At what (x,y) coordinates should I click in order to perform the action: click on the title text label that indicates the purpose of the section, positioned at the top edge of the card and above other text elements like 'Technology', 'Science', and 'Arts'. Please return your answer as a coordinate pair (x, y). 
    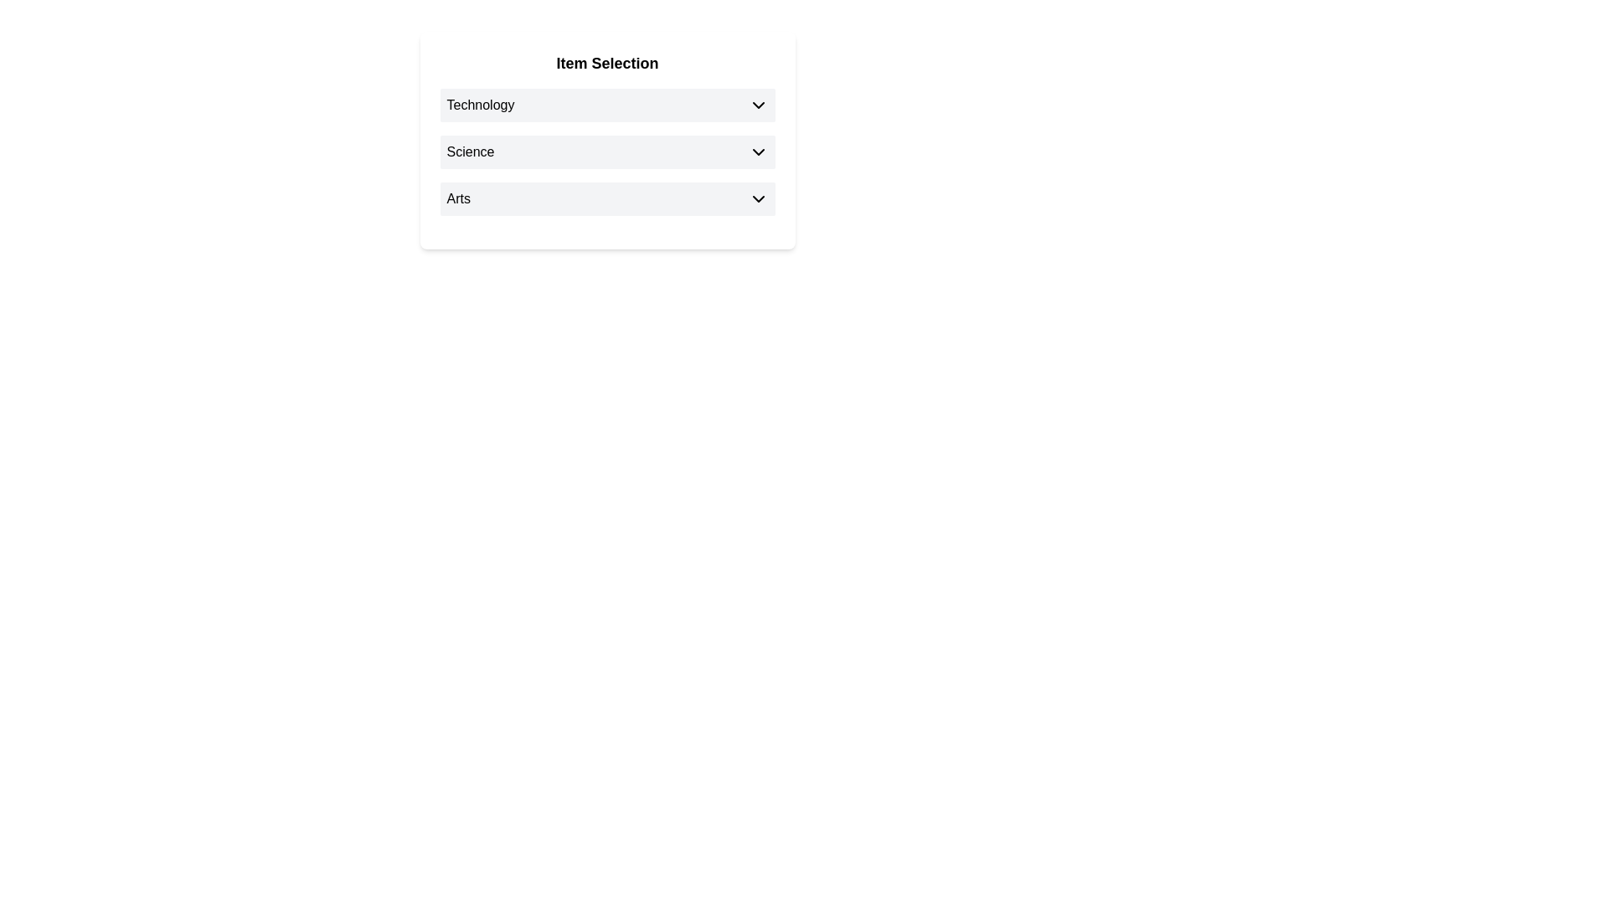
    Looking at the image, I should click on (606, 63).